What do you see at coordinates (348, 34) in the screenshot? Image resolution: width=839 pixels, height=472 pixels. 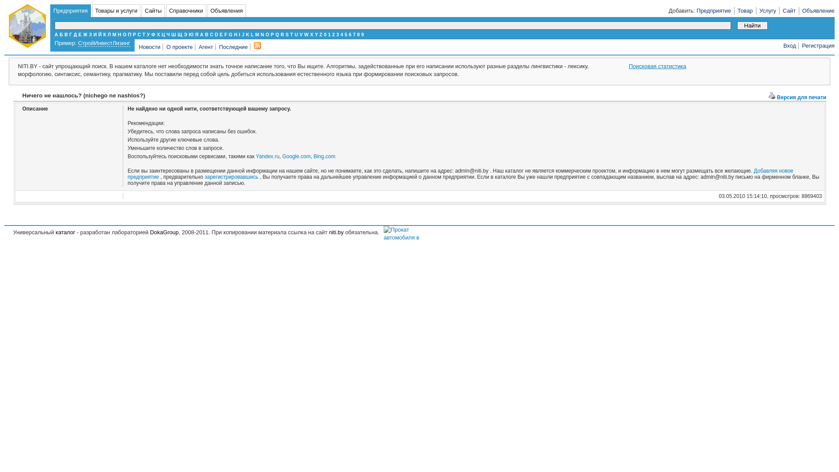 I see `'6'` at bounding box center [348, 34].